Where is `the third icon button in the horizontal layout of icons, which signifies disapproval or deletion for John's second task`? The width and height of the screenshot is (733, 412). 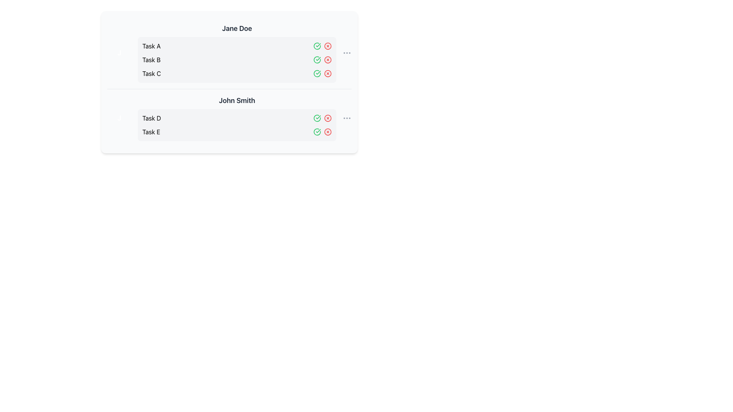
the third icon button in the horizontal layout of icons, which signifies disapproval or deletion for John's second task is located at coordinates (328, 132).